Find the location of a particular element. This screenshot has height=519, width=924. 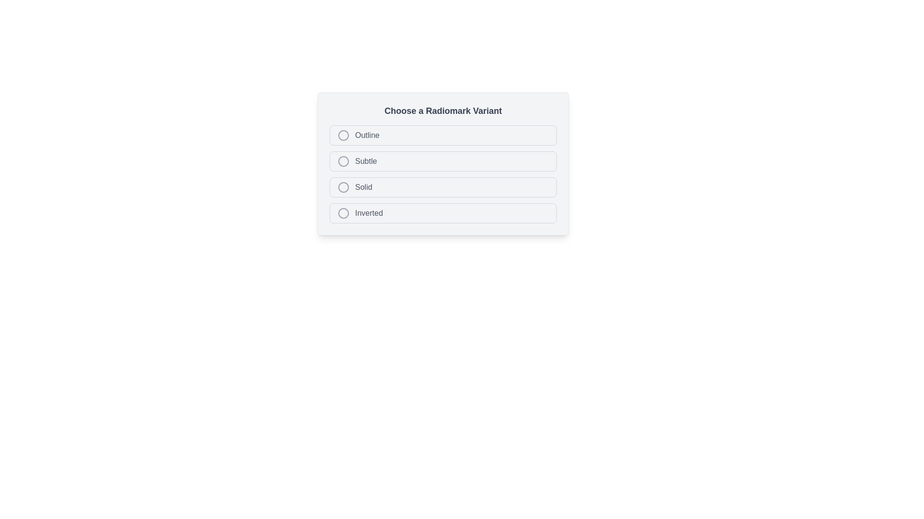

the 'Inverted' text label element, which is the label for the fourth option in a list of selectable items is located at coordinates (368, 212).